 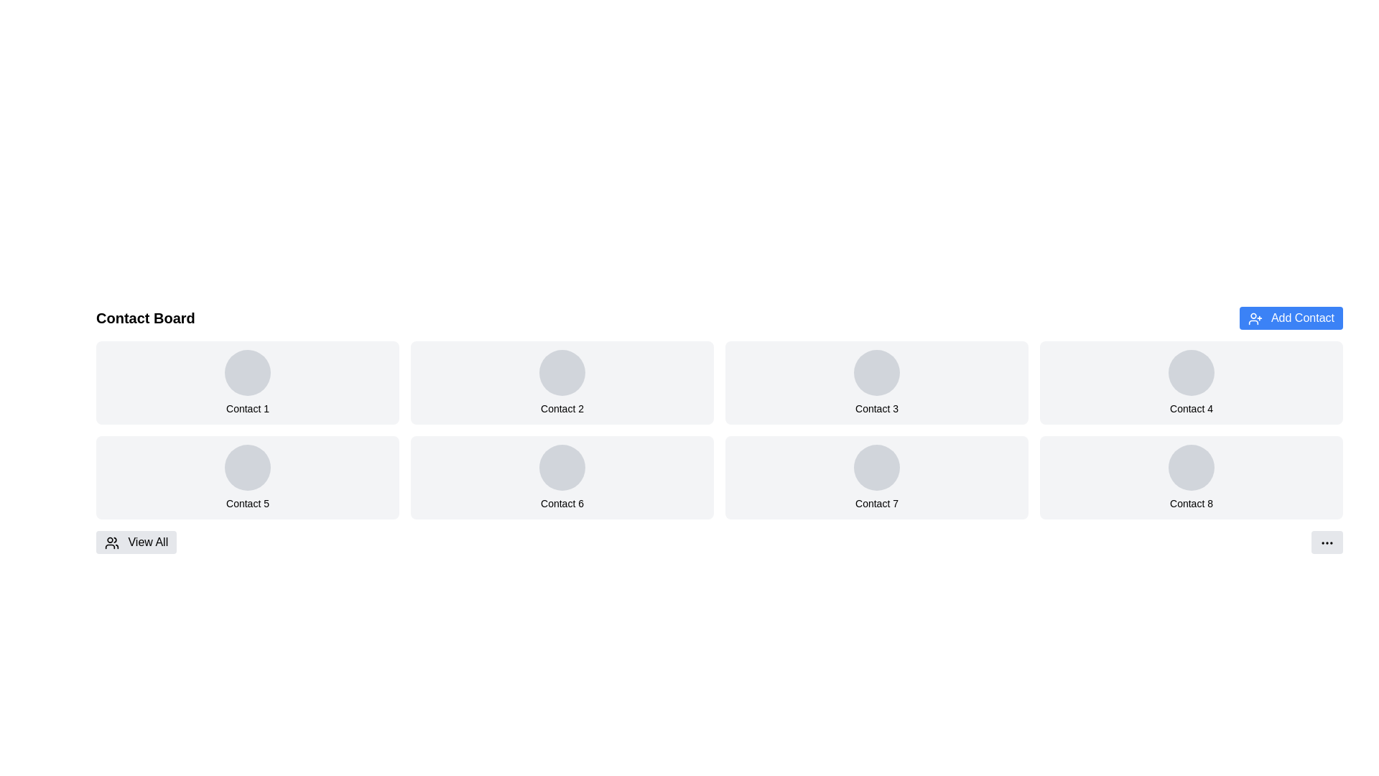 I want to click on the contact element labeled 'Contact 6' in the grid layout, so click(x=561, y=477).